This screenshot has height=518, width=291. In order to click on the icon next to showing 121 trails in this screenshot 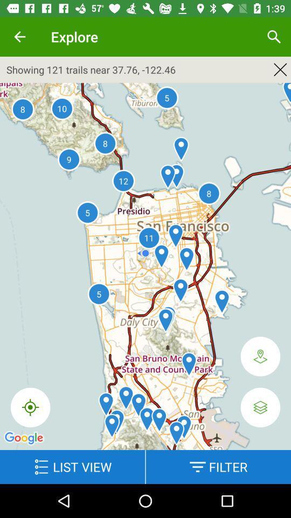, I will do `click(280, 69)`.